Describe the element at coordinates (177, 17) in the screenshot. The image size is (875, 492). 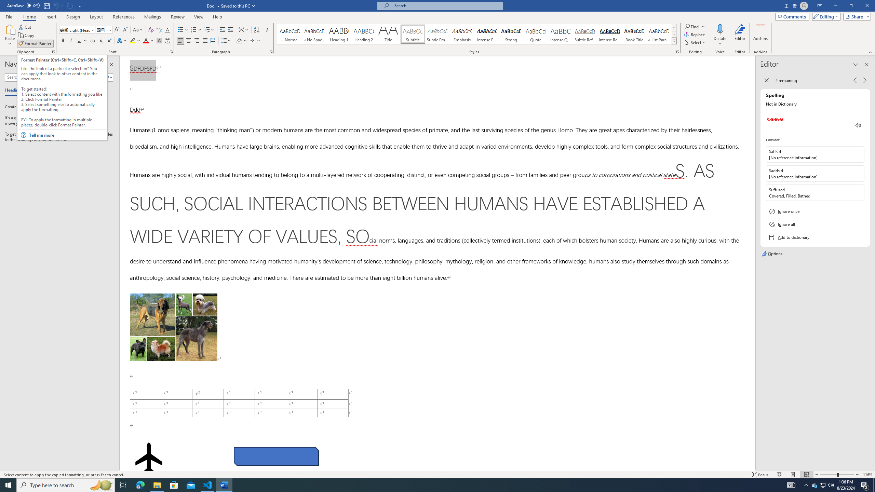
I see `'Review'` at that location.